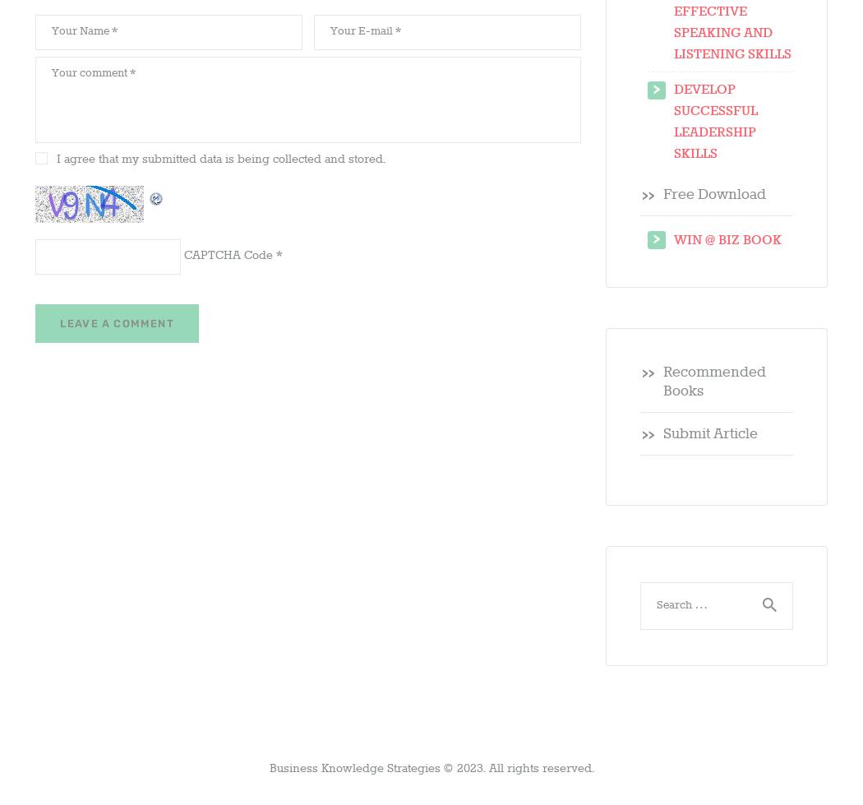 This screenshot has height=805, width=863. What do you see at coordinates (668, 590) in the screenshot?
I see `'Search for:'` at bounding box center [668, 590].